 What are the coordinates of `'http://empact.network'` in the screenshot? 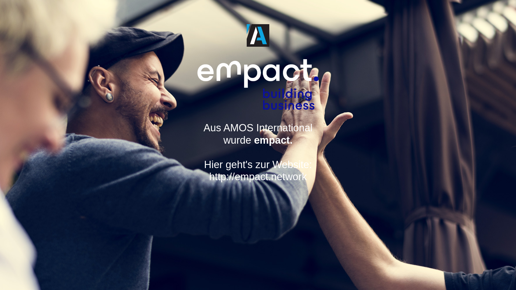 It's located at (260, 183).